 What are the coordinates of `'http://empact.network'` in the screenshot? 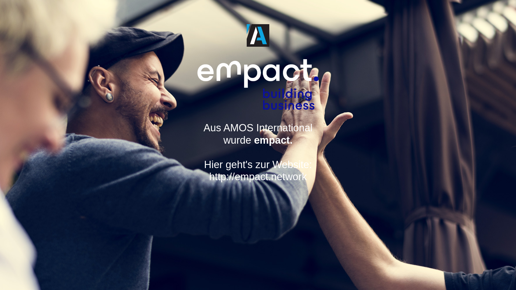 It's located at (260, 183).